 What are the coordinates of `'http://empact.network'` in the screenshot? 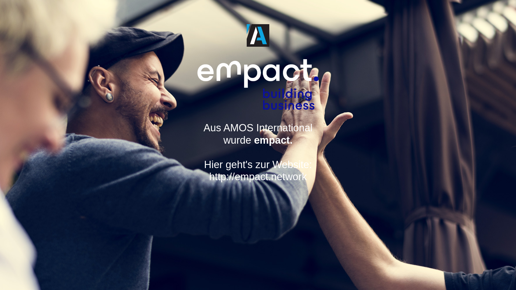 It's located at (260, 183).